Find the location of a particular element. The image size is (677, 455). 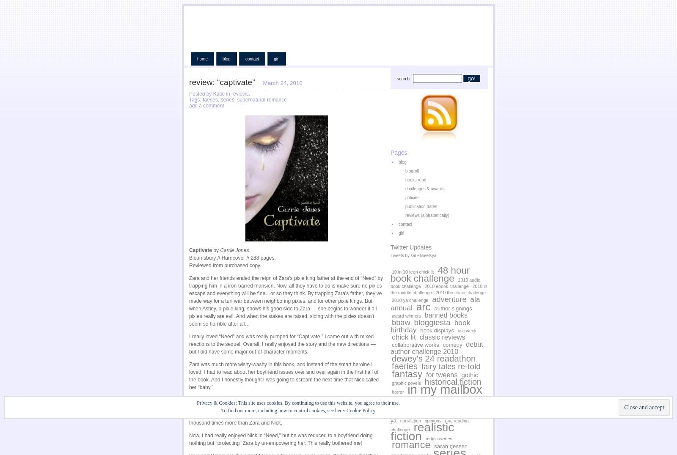

'Posted by Katie in' is located at coordinates (209, 93).